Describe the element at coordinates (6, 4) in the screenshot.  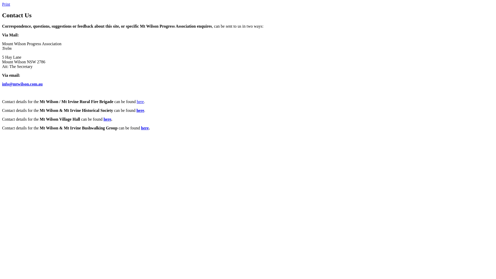
I see `'Print'` at that location.